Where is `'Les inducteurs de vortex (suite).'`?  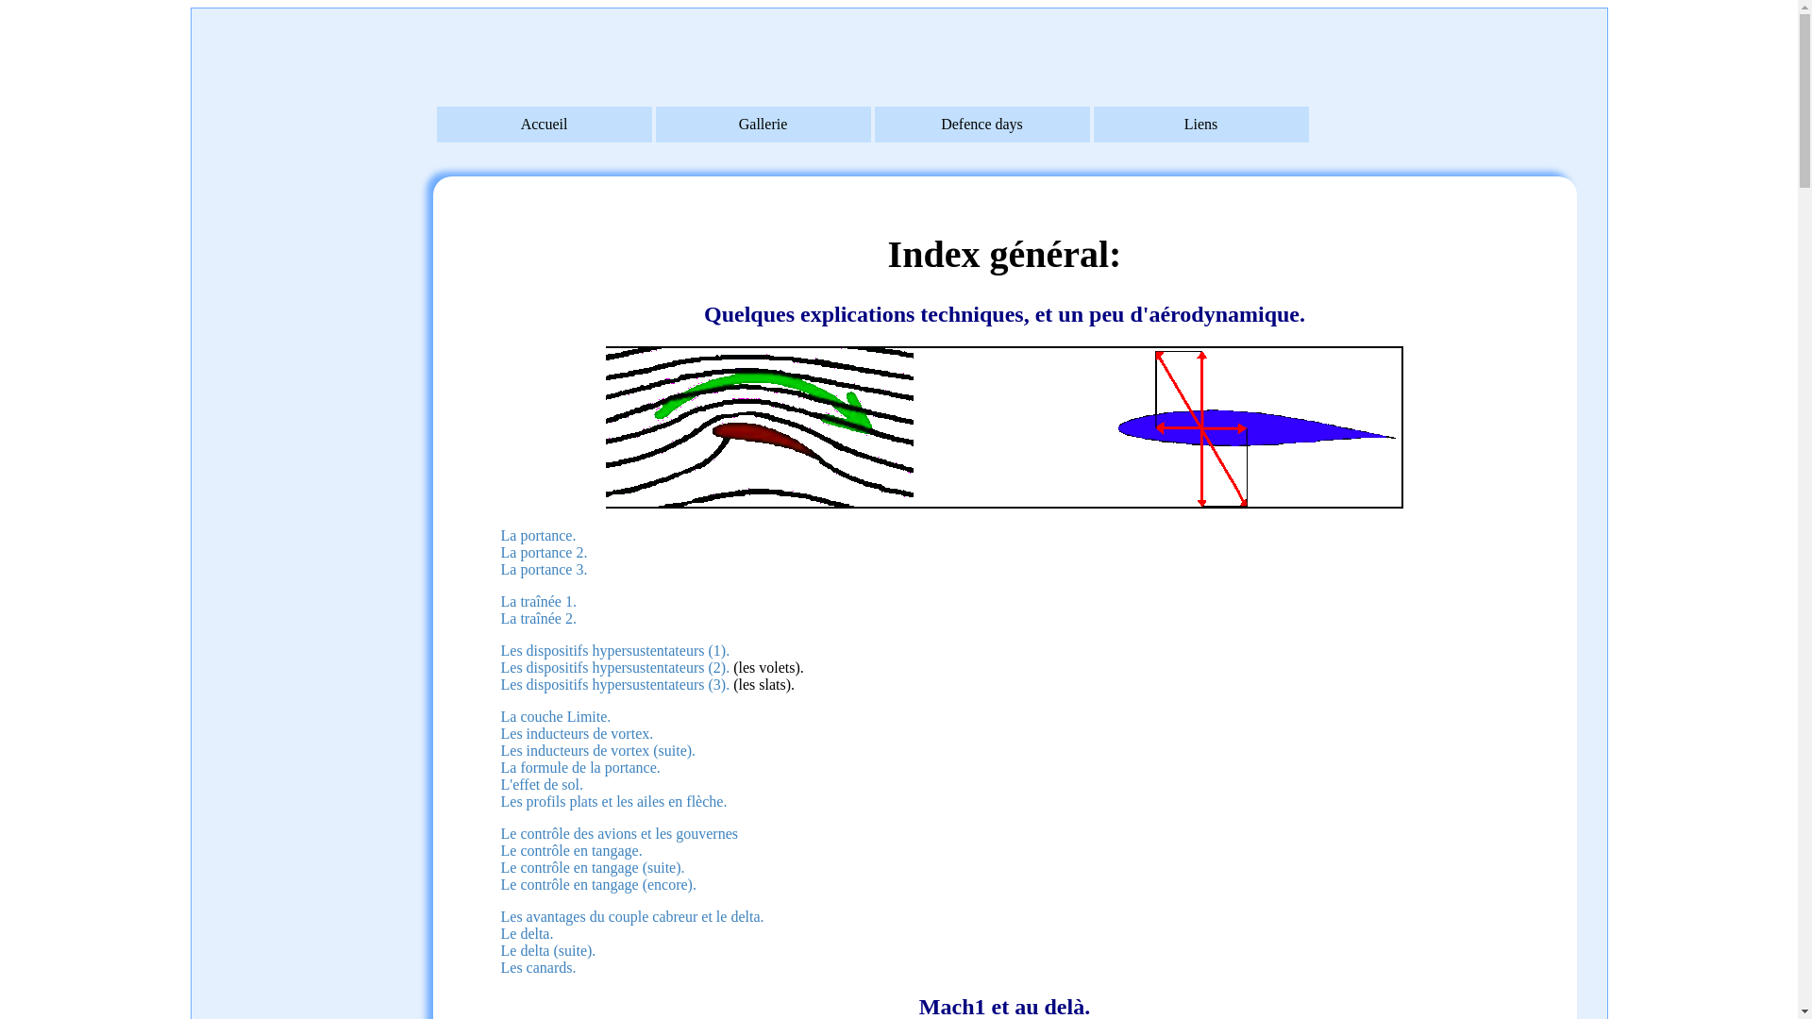 'Les inducteurs de vortex (suite).' is located at coordinates (596, 748).